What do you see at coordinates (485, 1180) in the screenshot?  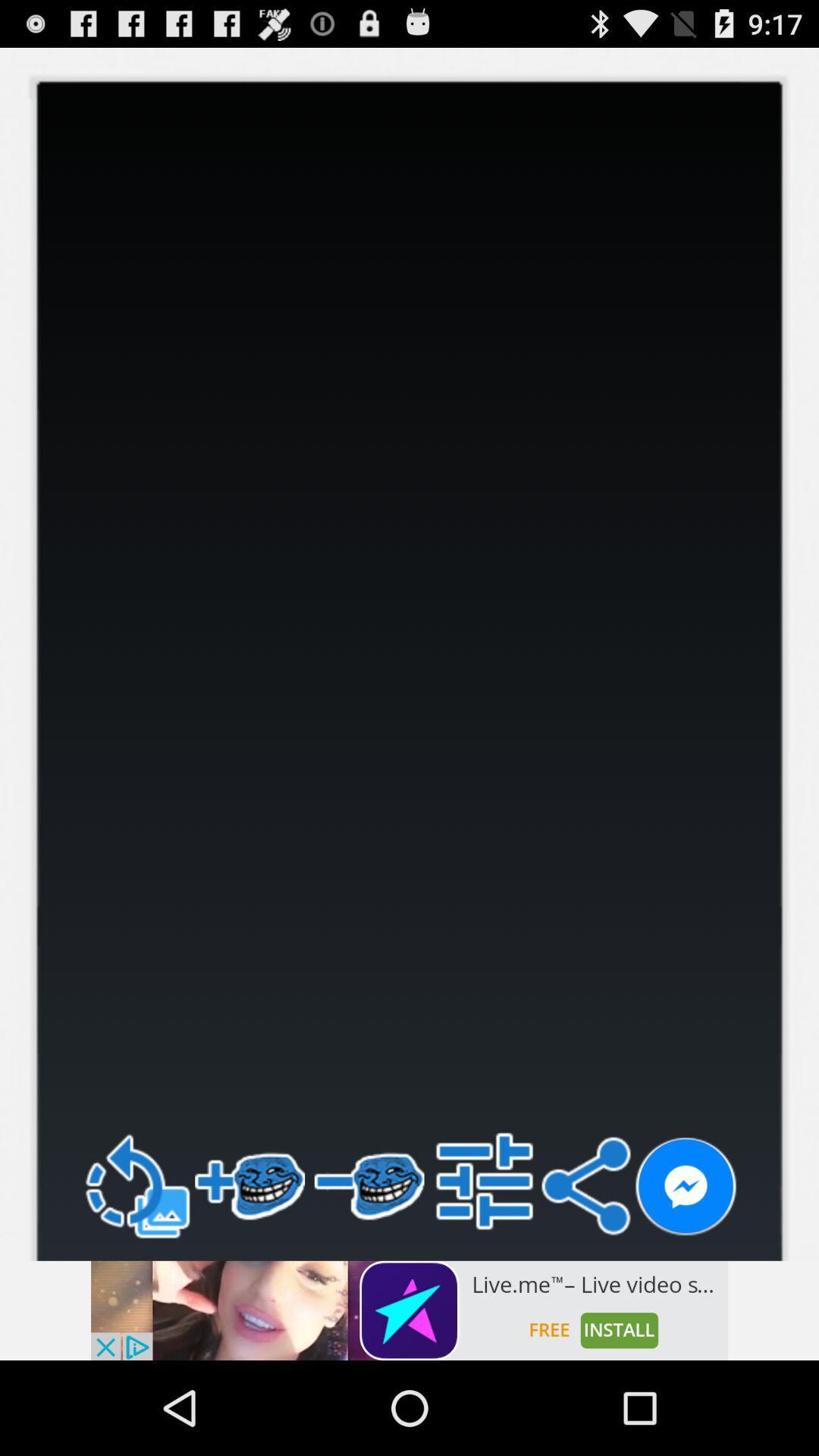 I see `more option` at bounding box center [485, 1180].